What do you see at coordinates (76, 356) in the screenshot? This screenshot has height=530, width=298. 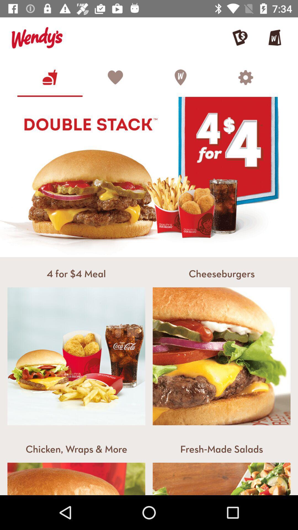 I see `the image below the text 4 for 4 meal` at bounding box center [76, 356].